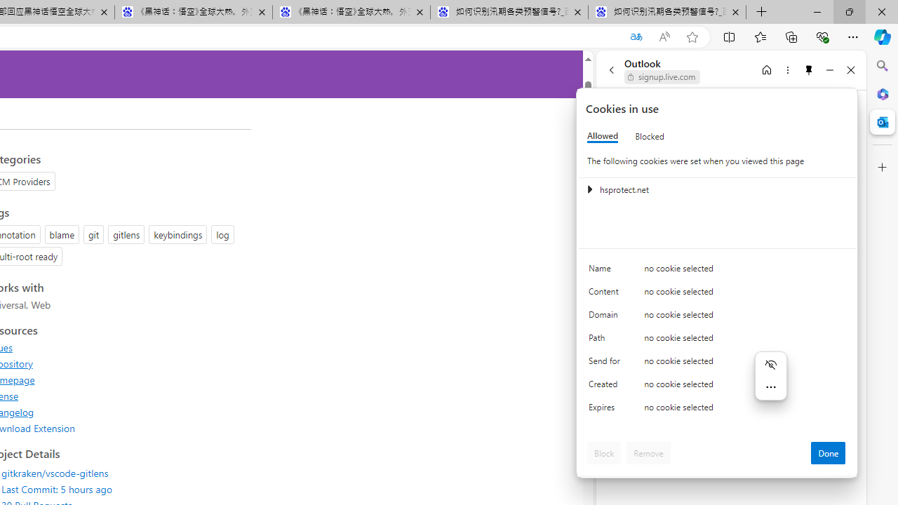  I want to click on 'Send for', so click(607, 363).